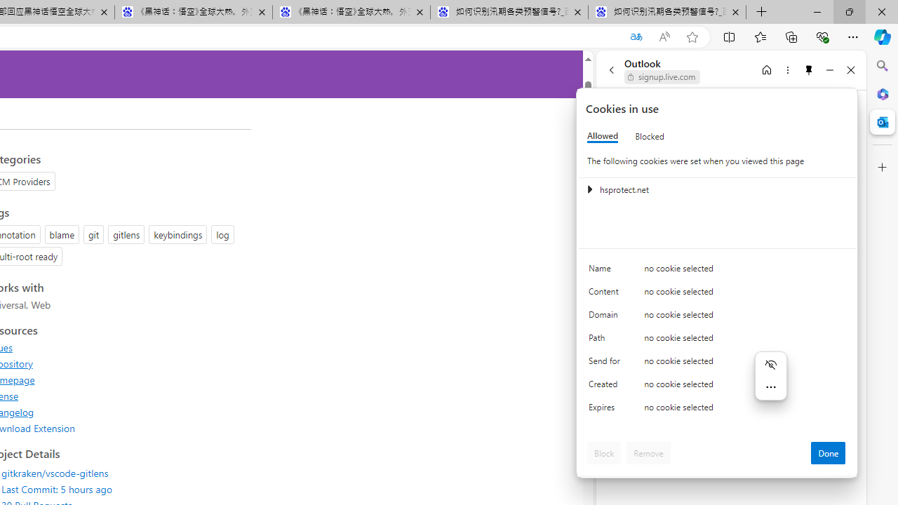  I want to click on 'Send for', so click(607, 363).